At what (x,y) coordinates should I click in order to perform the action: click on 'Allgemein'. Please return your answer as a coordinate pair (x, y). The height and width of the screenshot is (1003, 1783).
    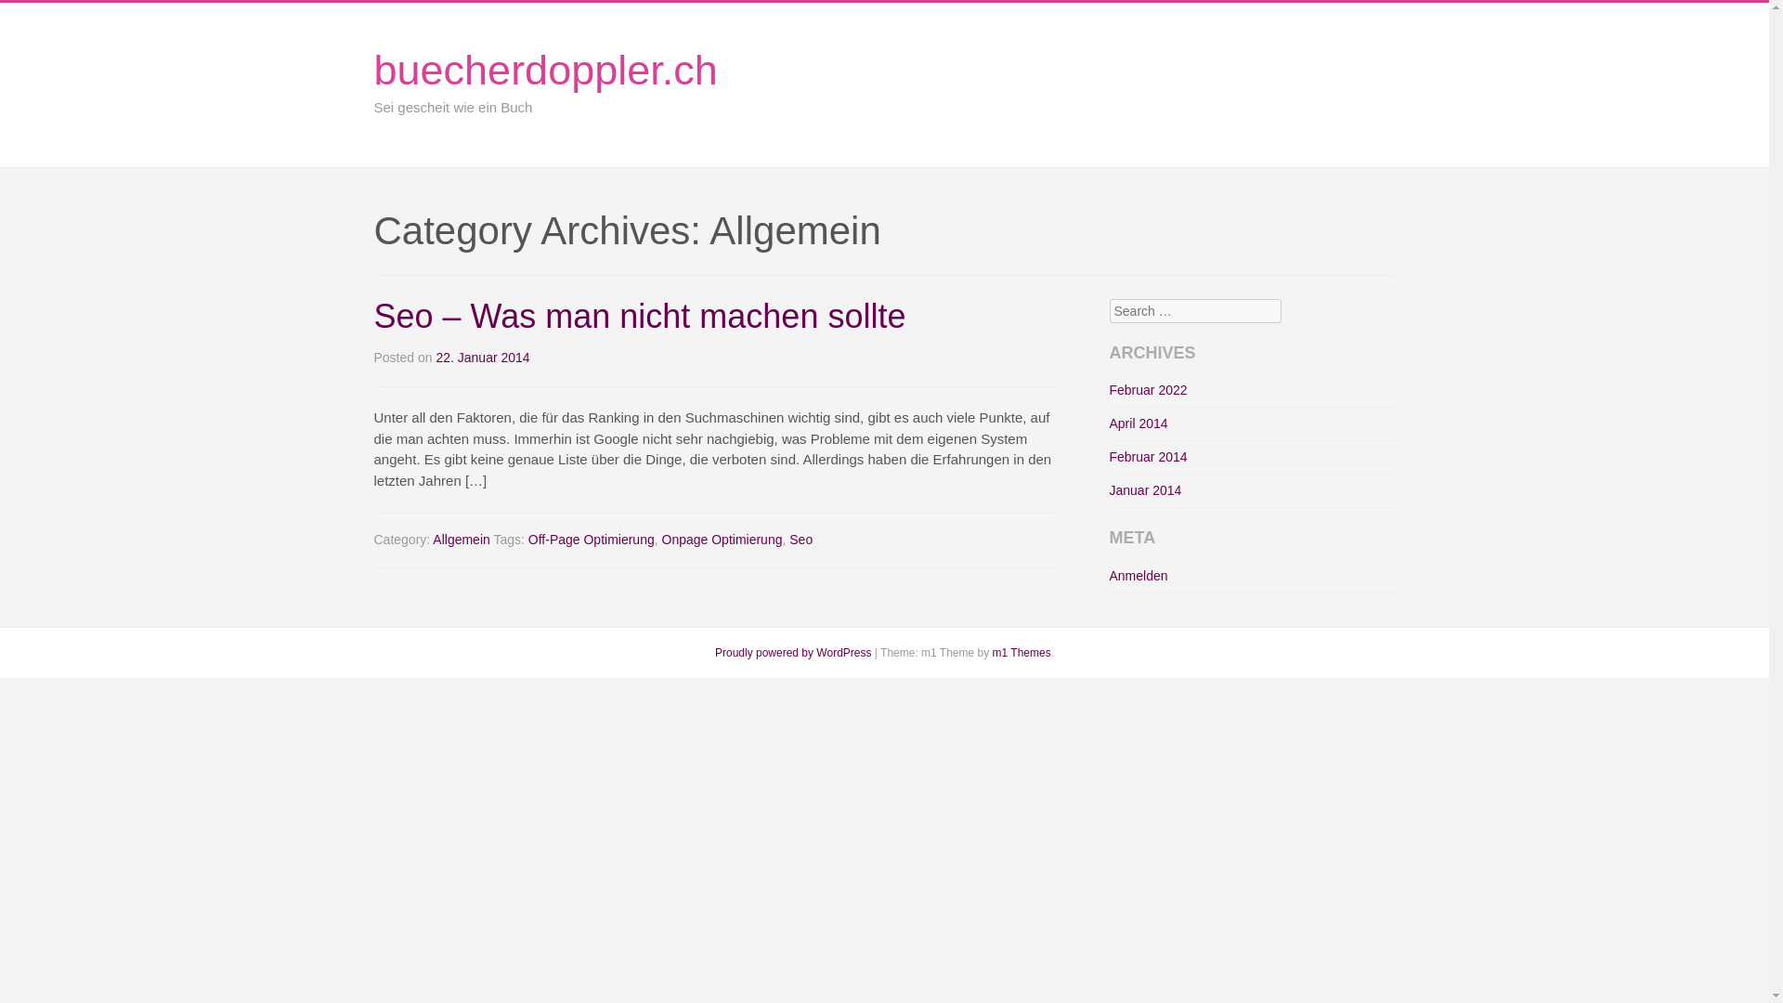
    Looking at the image, I should click on (461, 540).